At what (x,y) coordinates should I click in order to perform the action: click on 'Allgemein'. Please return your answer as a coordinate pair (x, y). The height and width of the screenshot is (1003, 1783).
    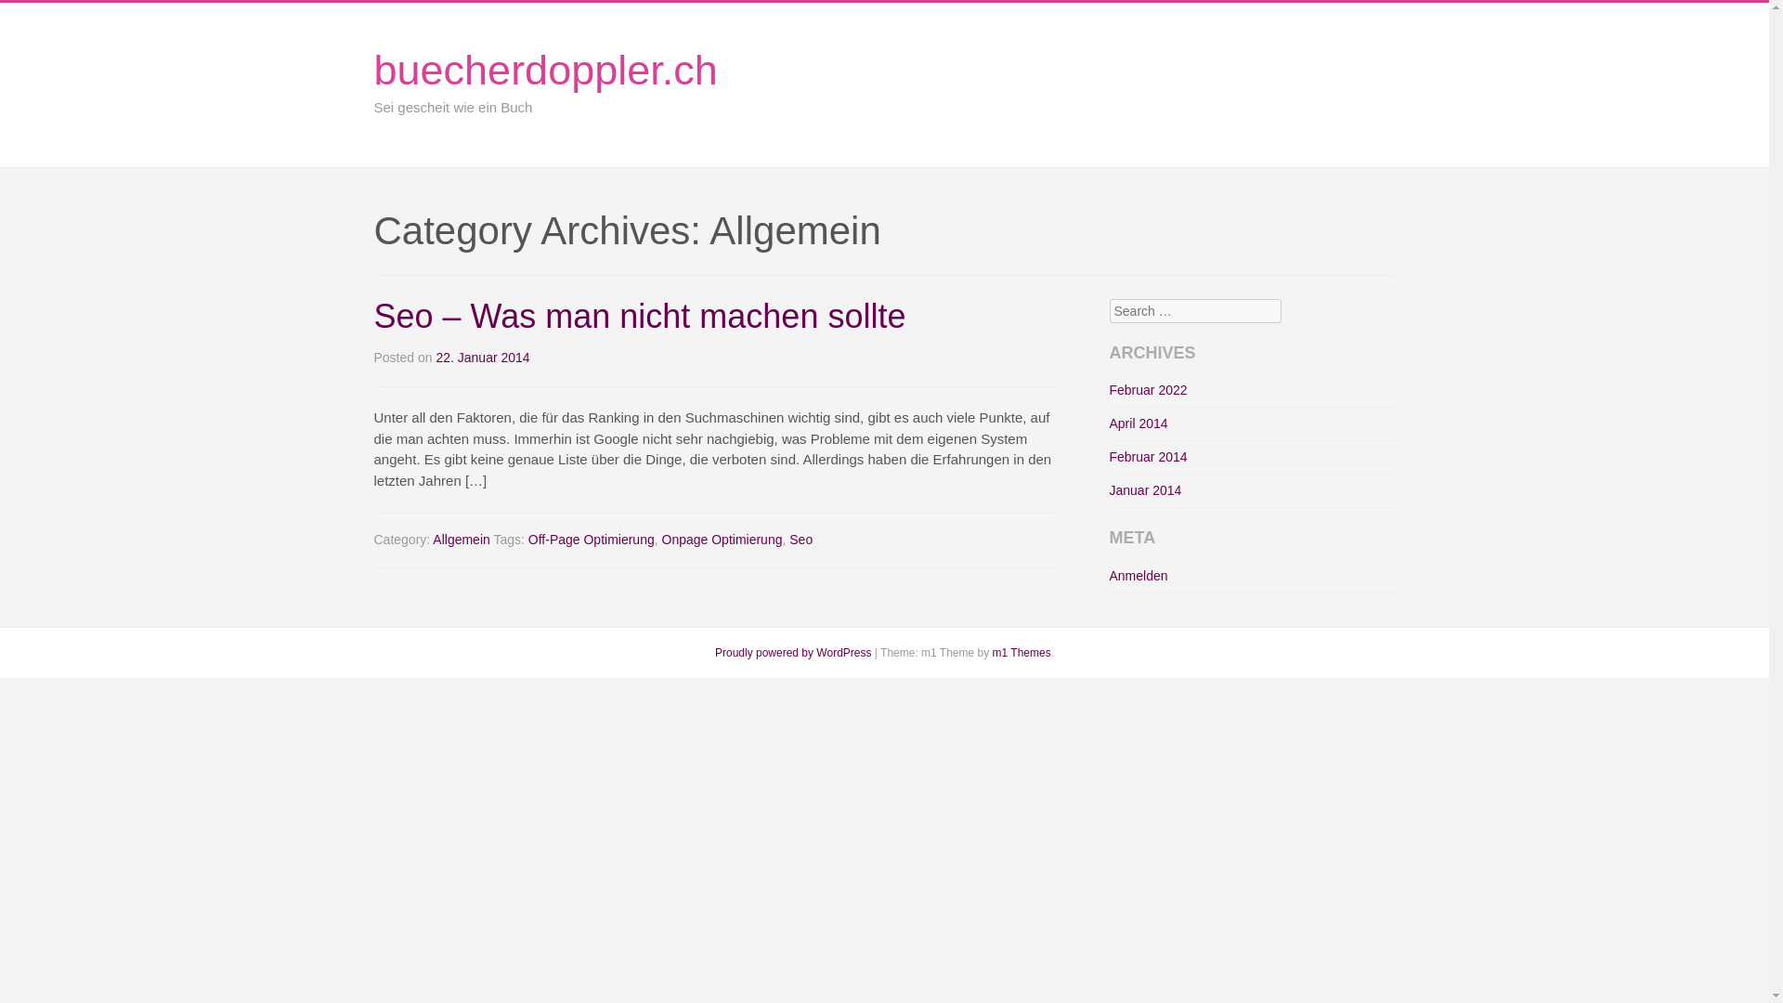
    Looking at the image, I should click on (461, 540).